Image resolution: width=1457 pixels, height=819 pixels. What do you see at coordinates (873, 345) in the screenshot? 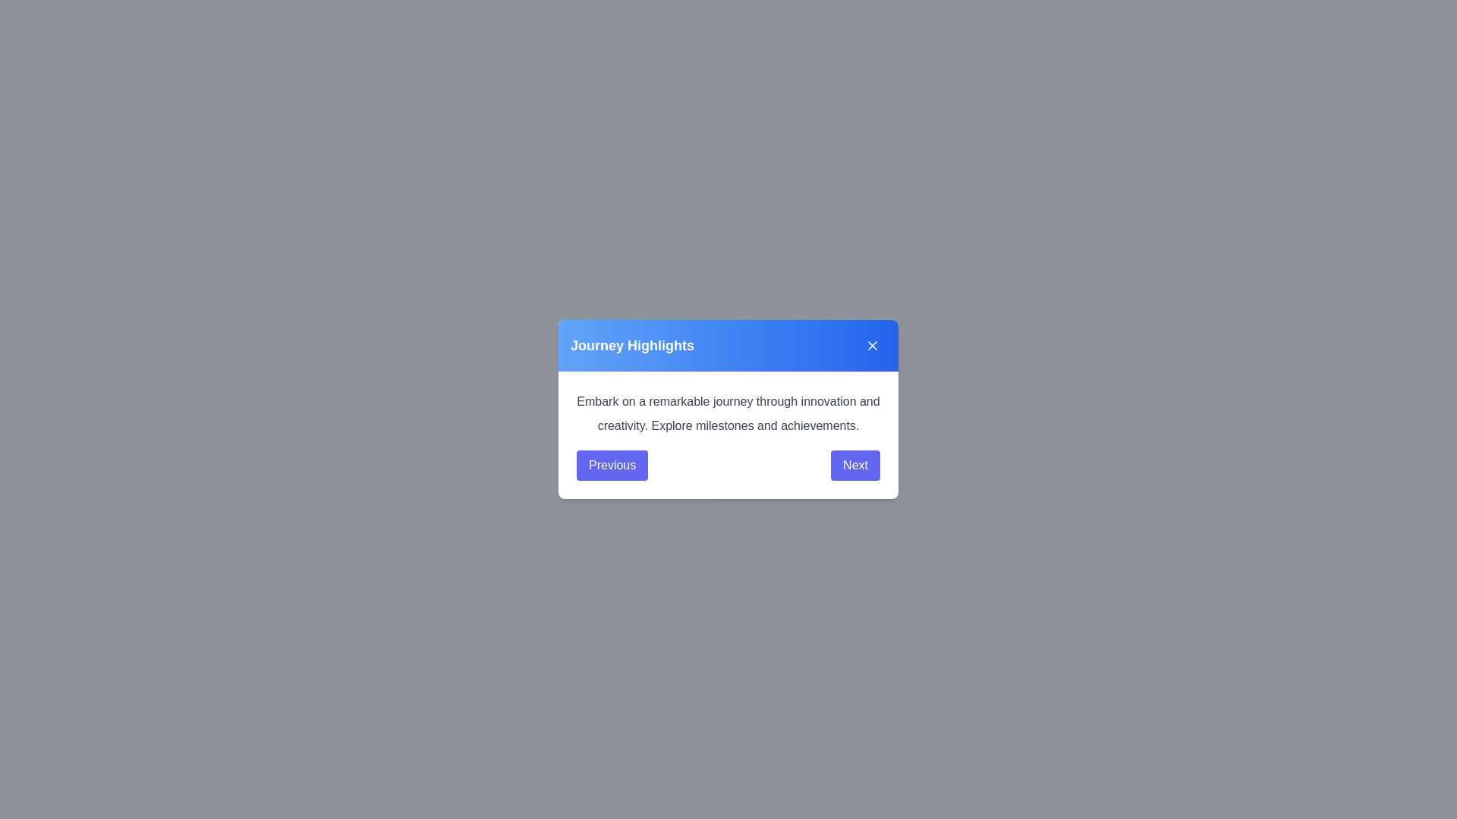
I see `the close button with an icon located in the top-right corner of the modal header, adjacent to the title text 'Journey Highlights'` at bounding box center [873, 345].